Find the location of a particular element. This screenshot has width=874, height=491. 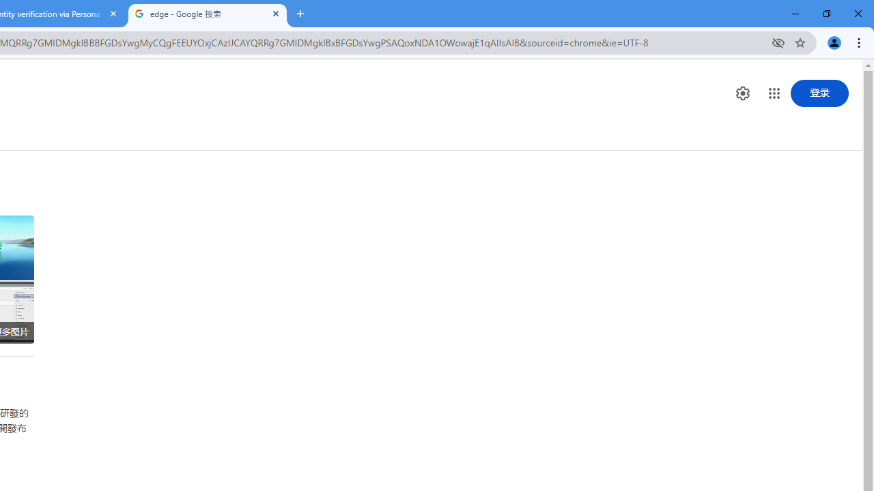

'Third-party cookies blocked' is located at coordinates (778, 42).